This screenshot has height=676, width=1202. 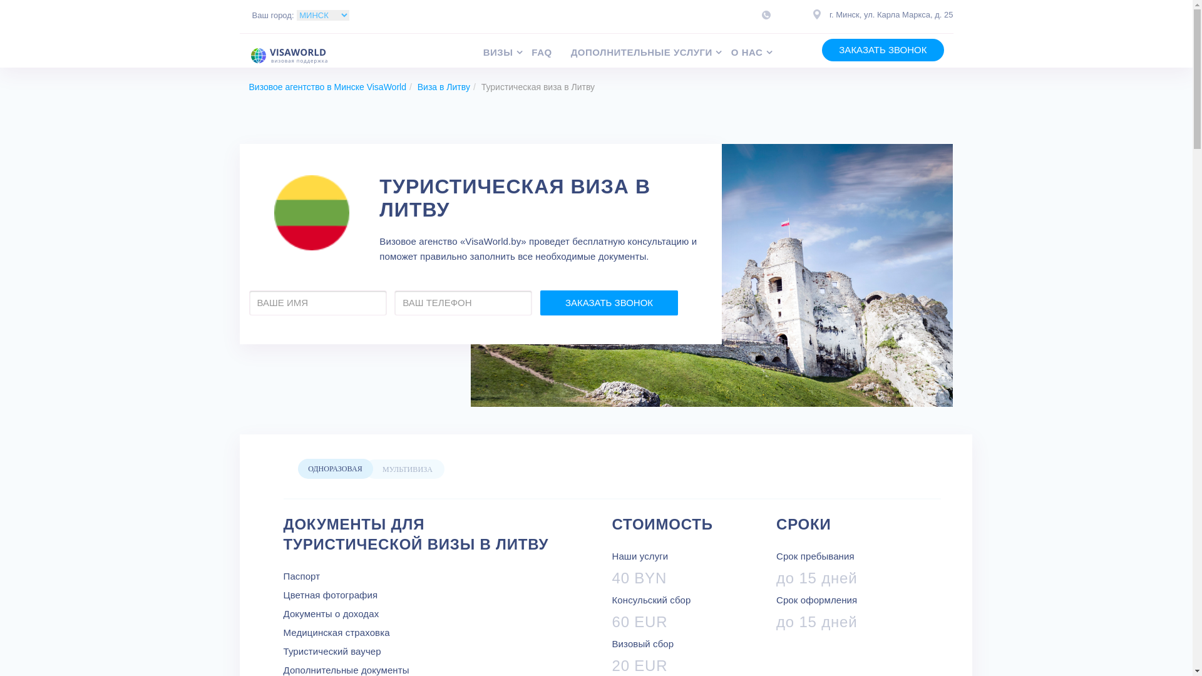 I want to click on 'FAQ', so click(x=532, y=52).